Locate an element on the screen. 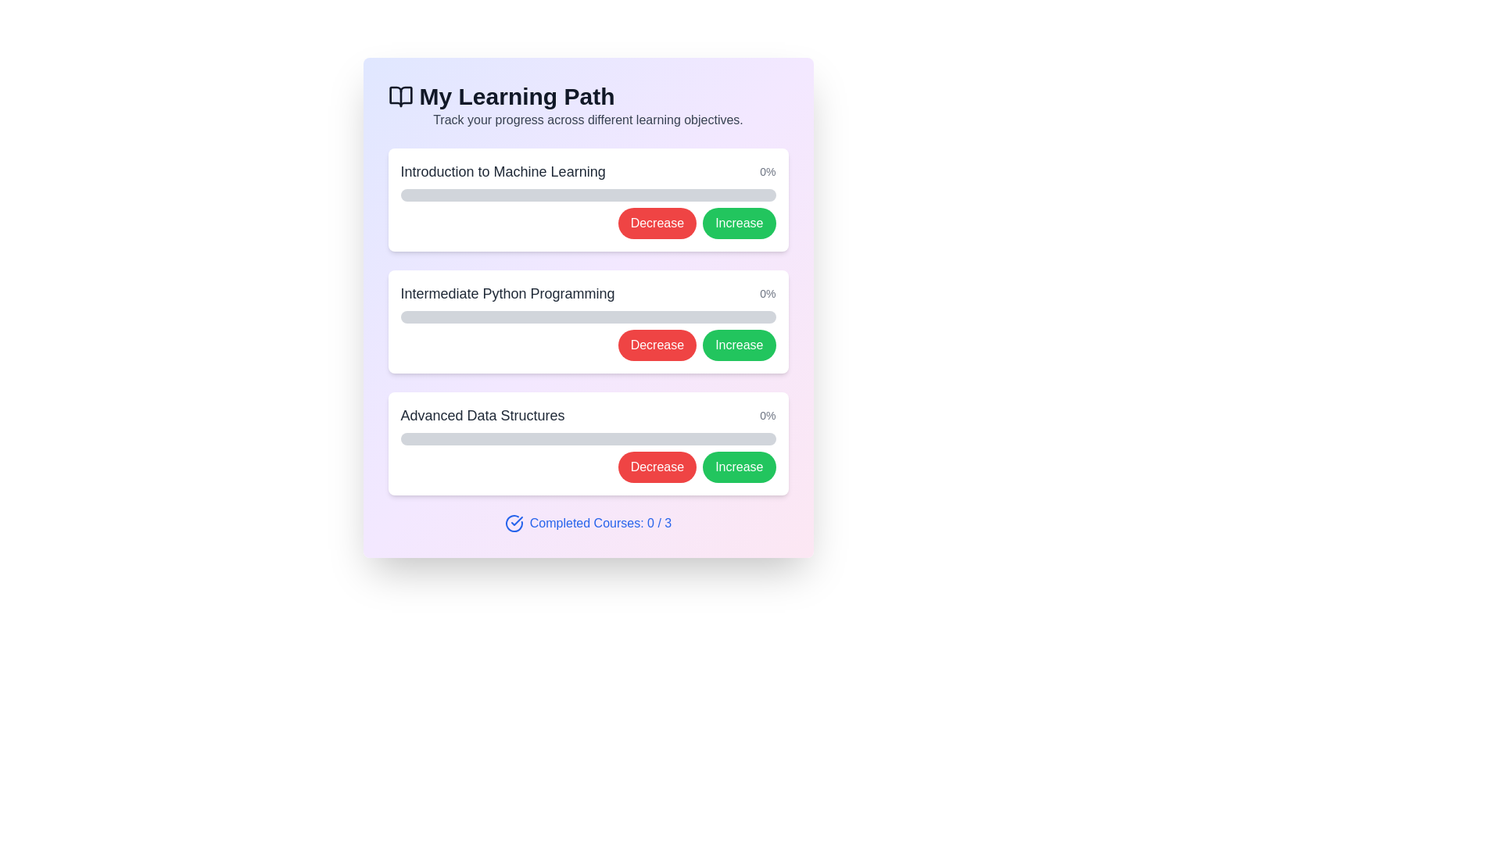 The image size is (1501, 844). the text label displaying '0%' in light gray color, located at the top-right corner of the progress indicator for the 'Intermediate Python Programming' module is located at coordinates (768, 293).